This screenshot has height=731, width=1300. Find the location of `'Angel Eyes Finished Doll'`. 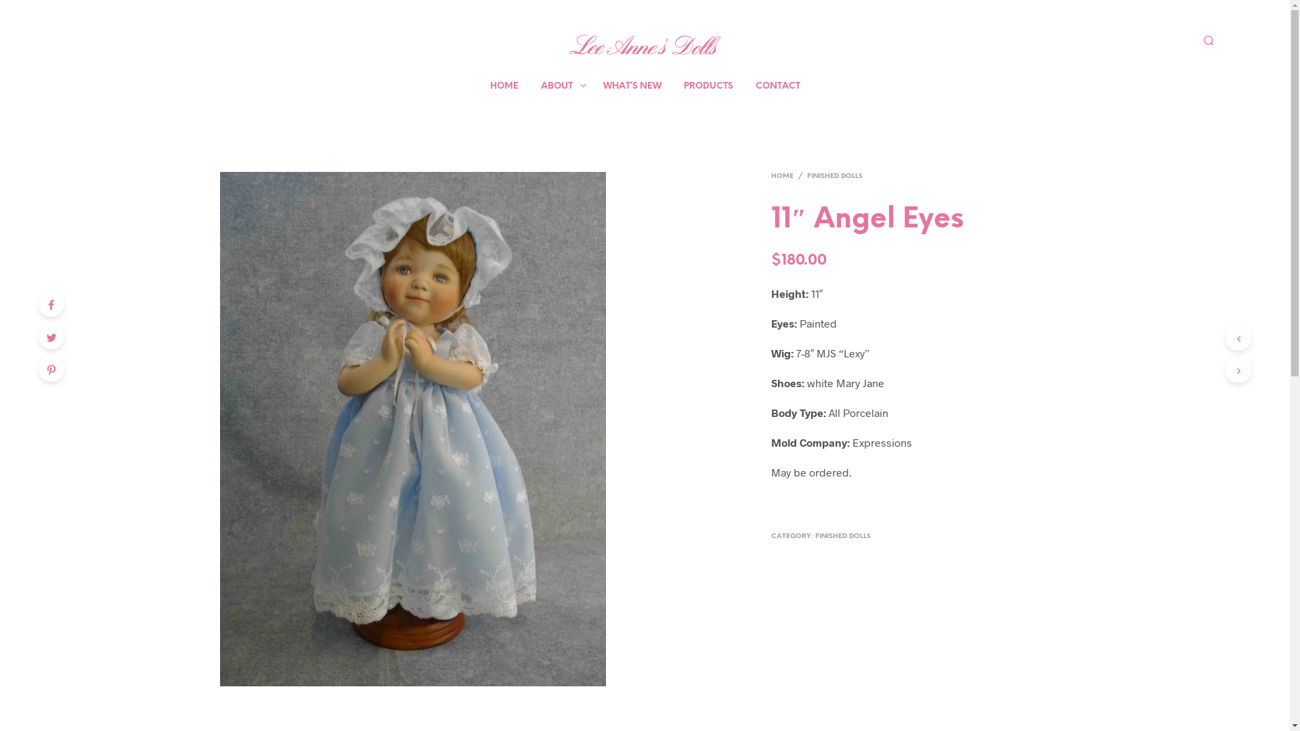

'Angel Eyes Finished Doll' is located at coordinates (412, 428).